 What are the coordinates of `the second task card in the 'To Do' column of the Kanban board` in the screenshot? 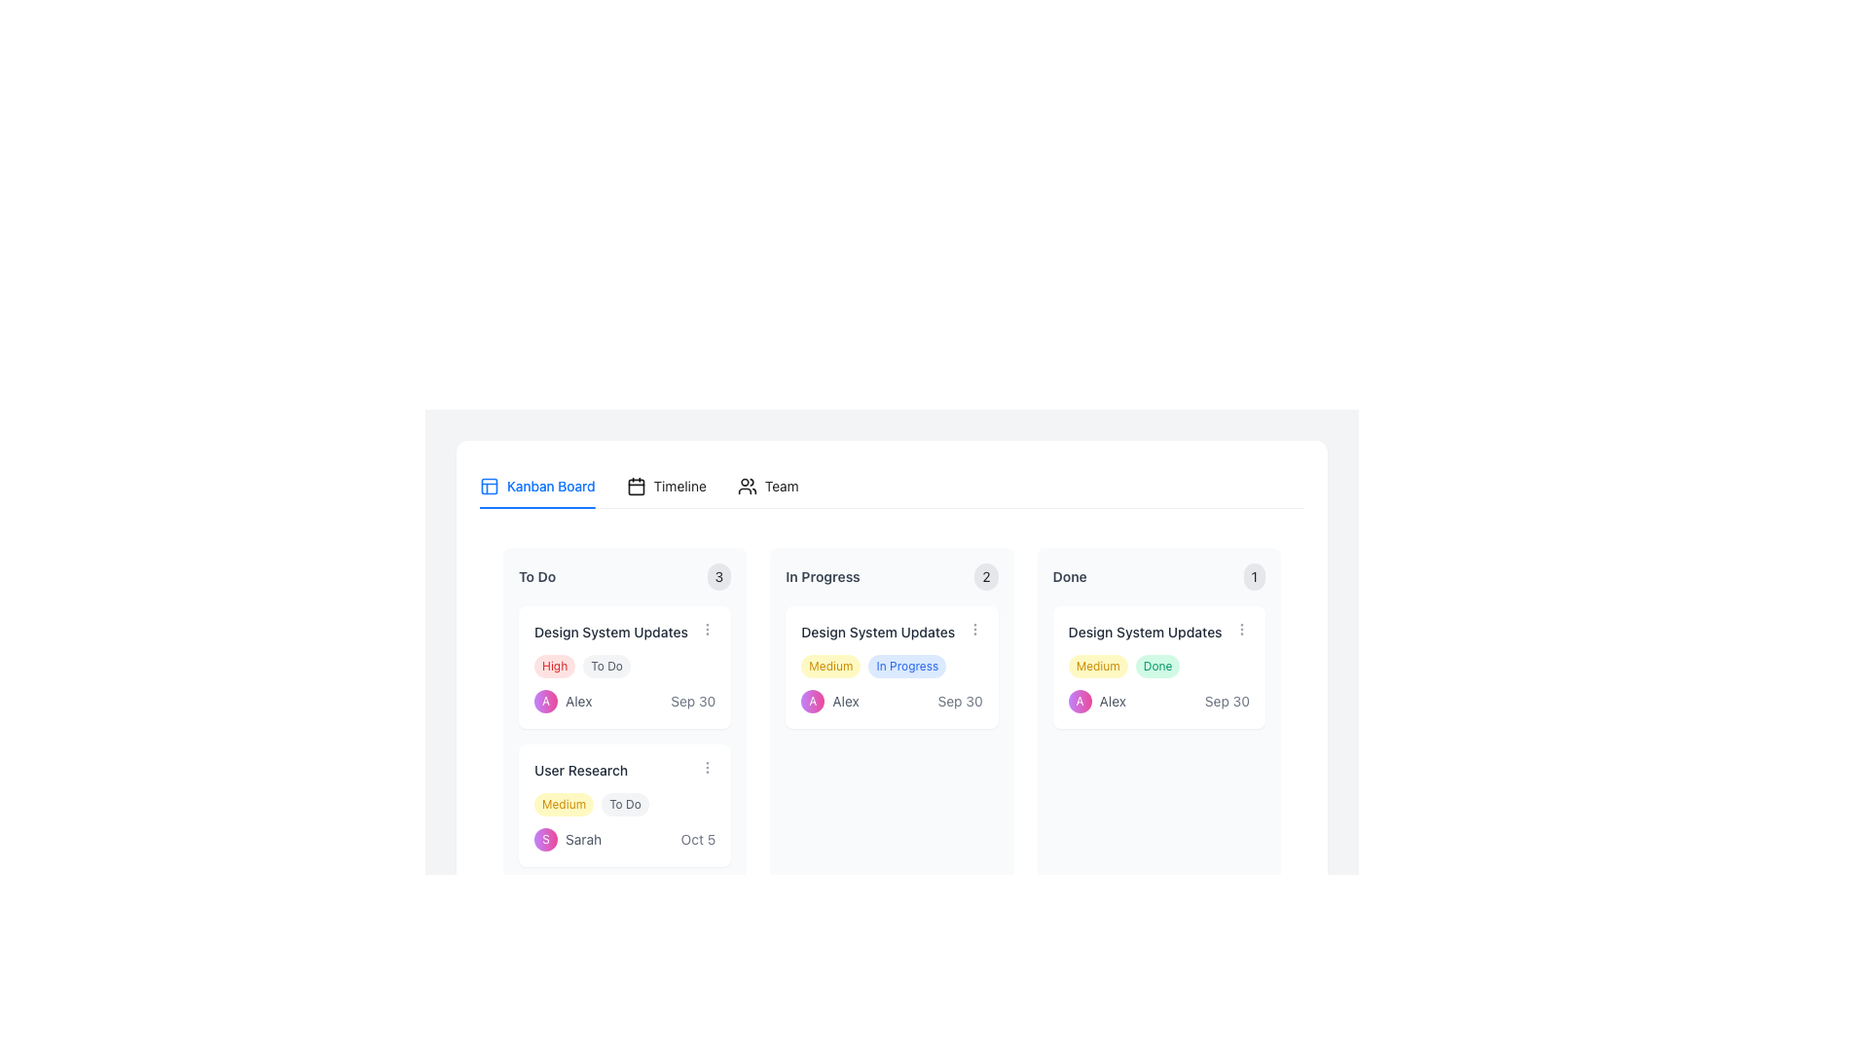 It's located at (625, 806).